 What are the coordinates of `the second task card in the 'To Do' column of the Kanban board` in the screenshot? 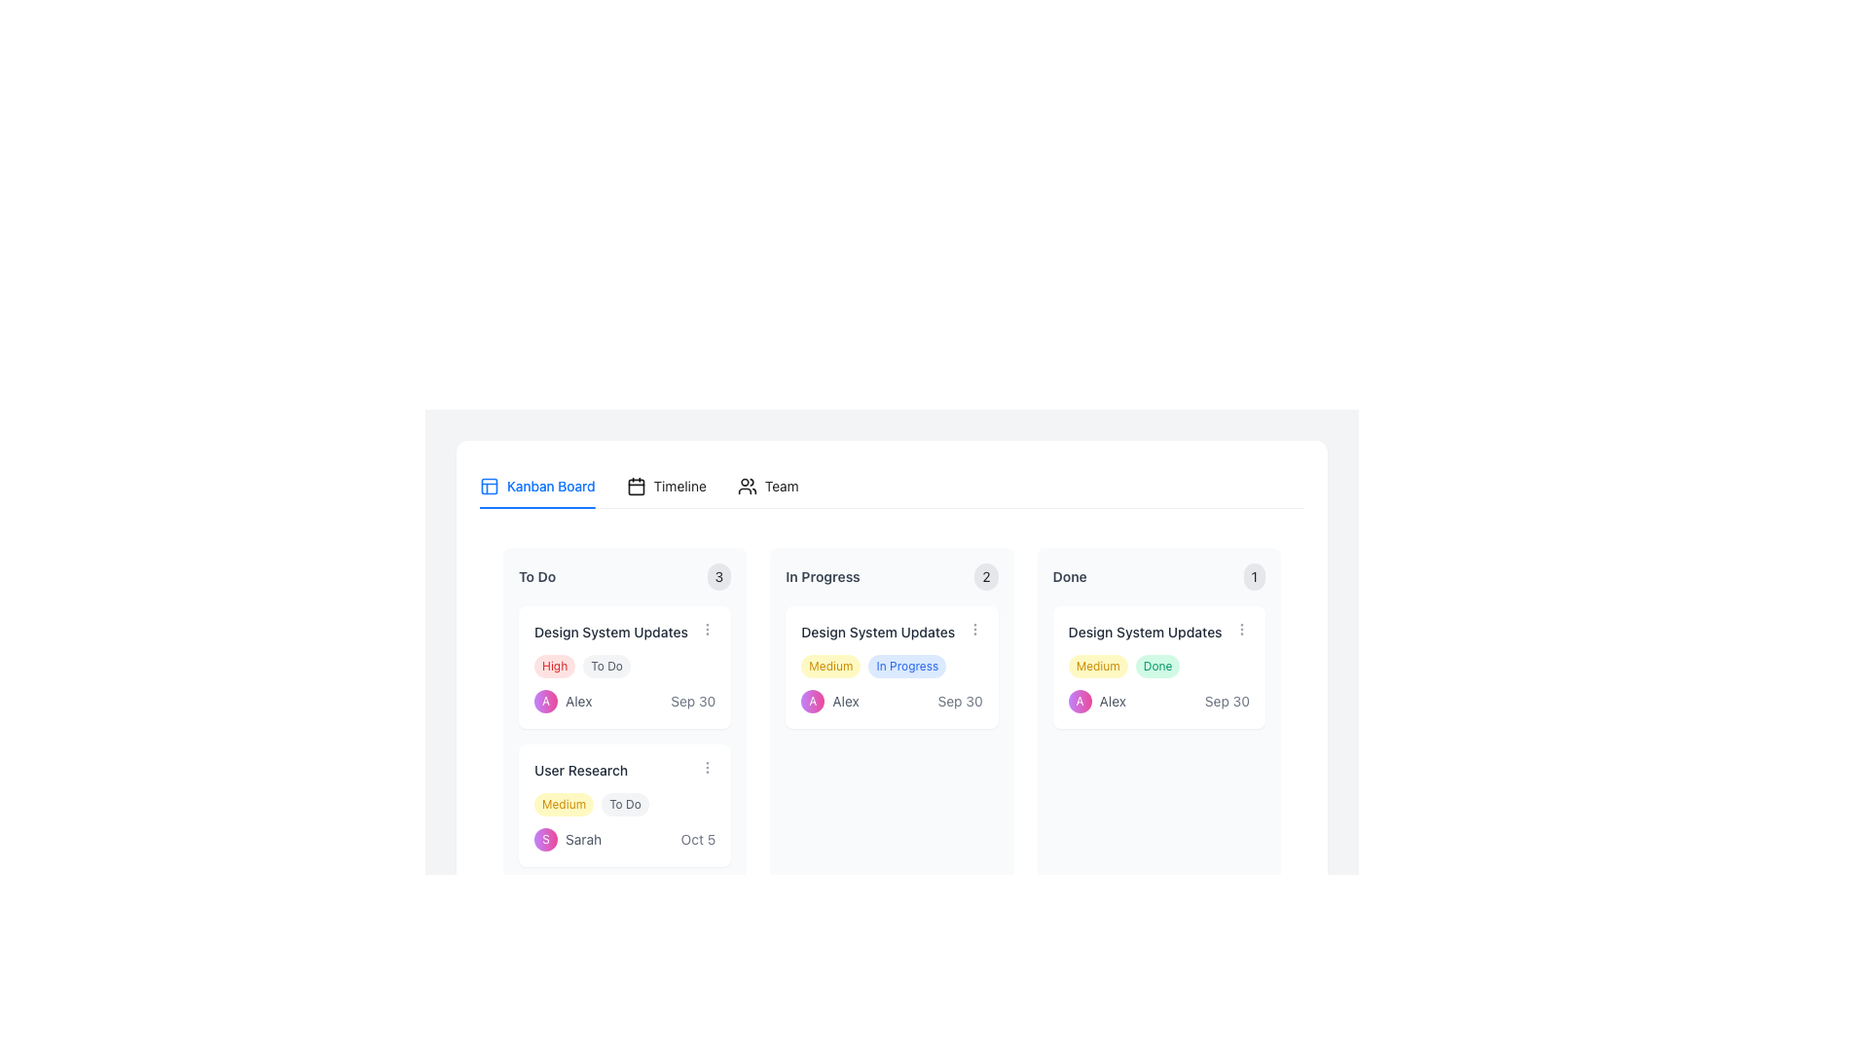 It's located at (625, 806).